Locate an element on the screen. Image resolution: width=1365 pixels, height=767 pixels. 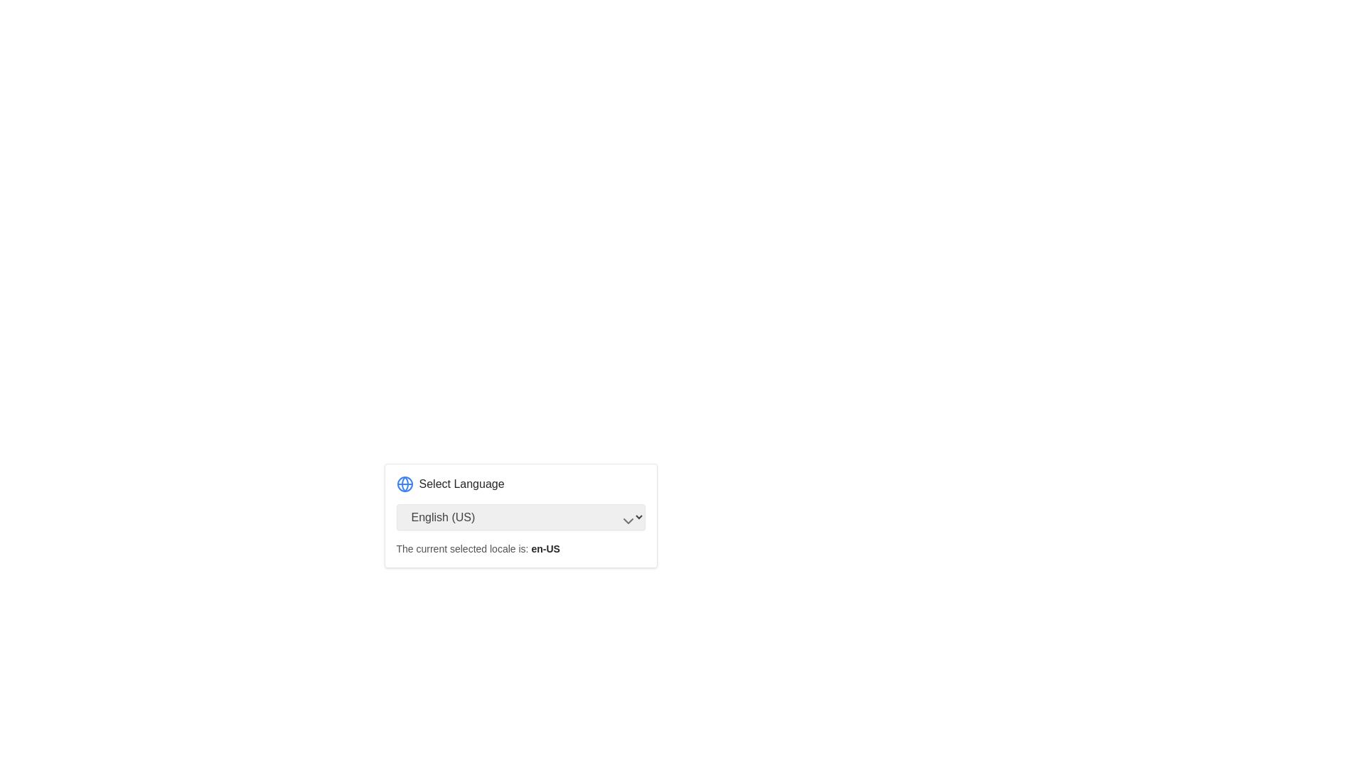
the dropdown menu located within the 'Select Language' form is located at coordinates (520, 517).